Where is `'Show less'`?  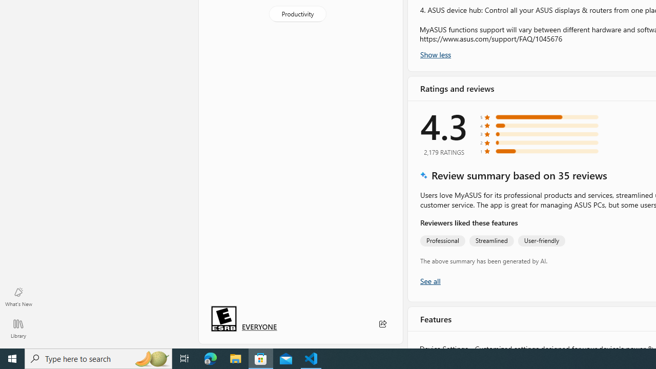 'Show less' is located at coordinates (436, 53).